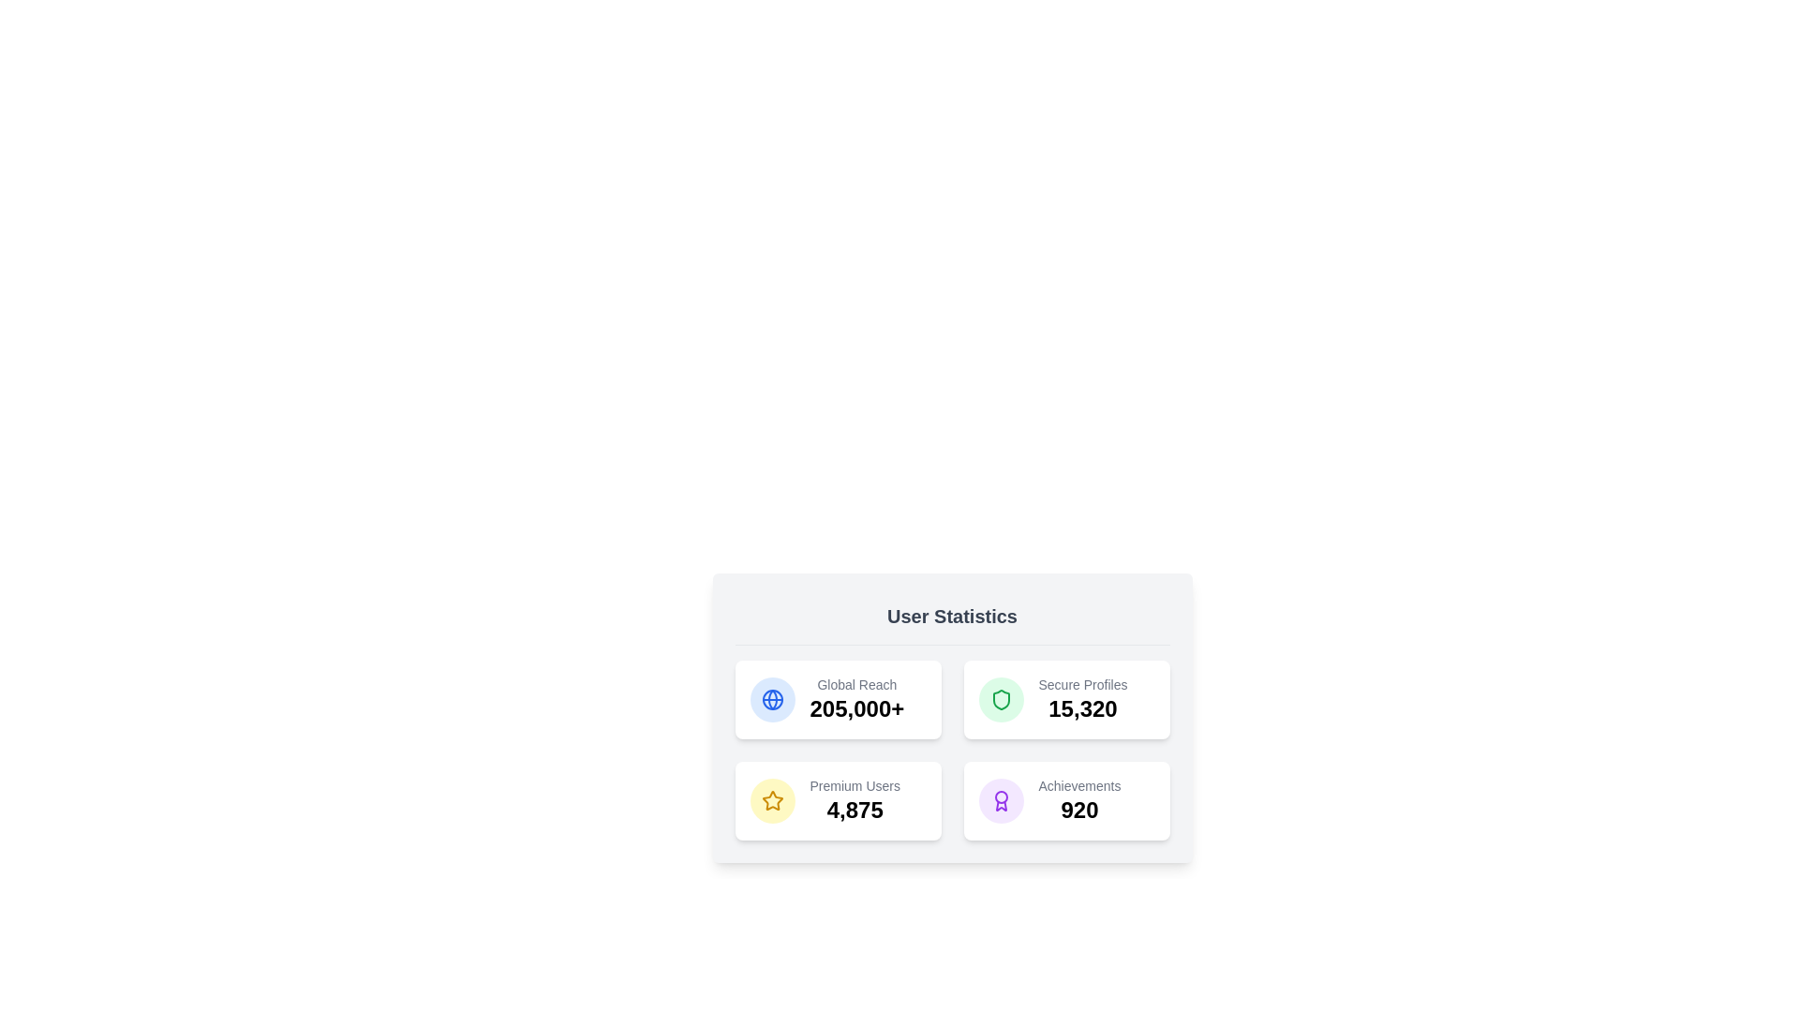 This screenshot has width=1799, height=1012. Describe the element at coordinates (1000, 700) in the screenshot. I see `the shield icon representing security in the 'Secure Profiles' section located in the top-right quadrant of the statistics panel` at that location.